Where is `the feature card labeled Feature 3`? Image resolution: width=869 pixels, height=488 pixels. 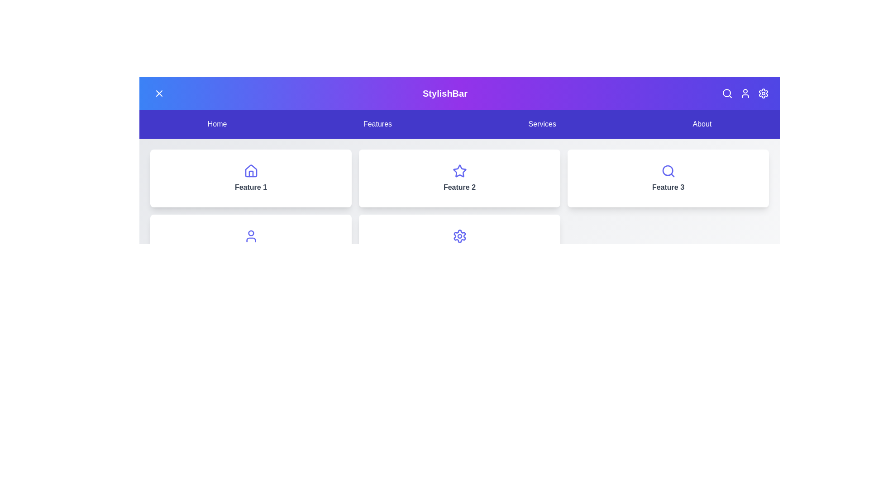 the feature card labeled Feature 3 is located at coordinates (668, 178).